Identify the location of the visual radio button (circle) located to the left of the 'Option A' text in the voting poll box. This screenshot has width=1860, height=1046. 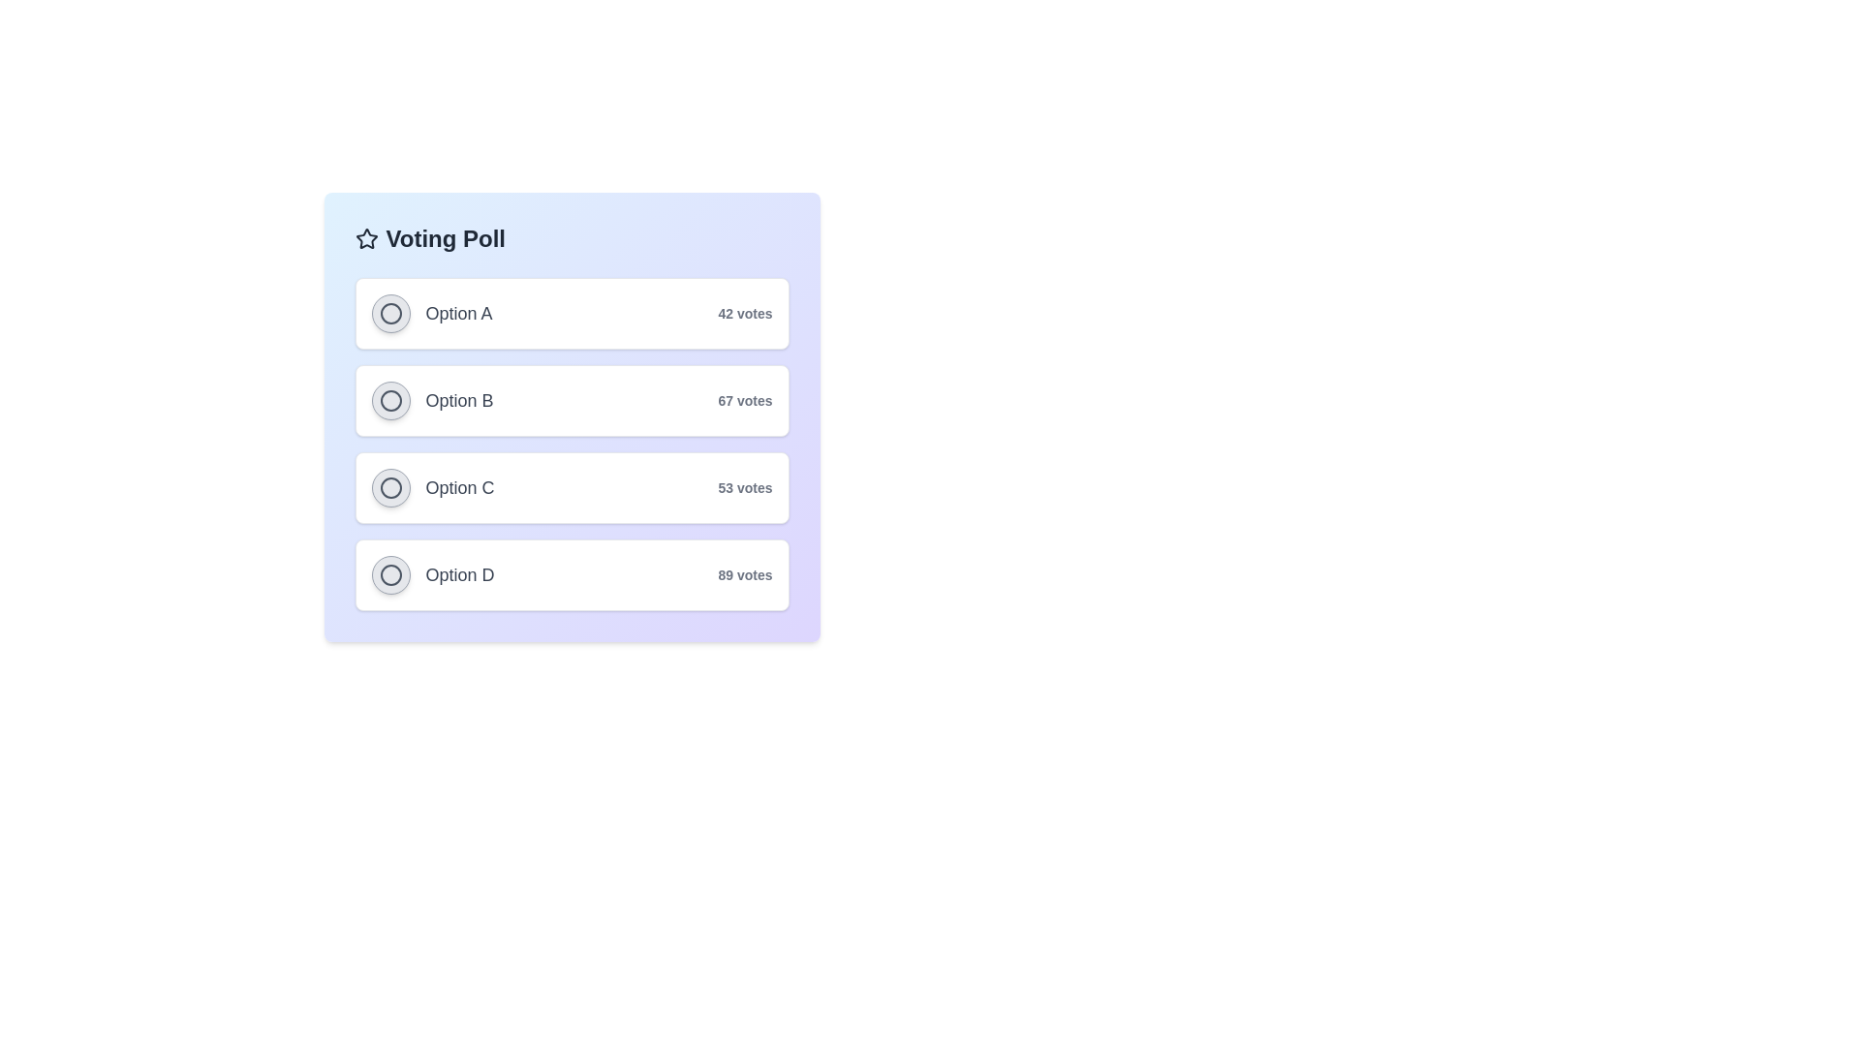
(389, 313).